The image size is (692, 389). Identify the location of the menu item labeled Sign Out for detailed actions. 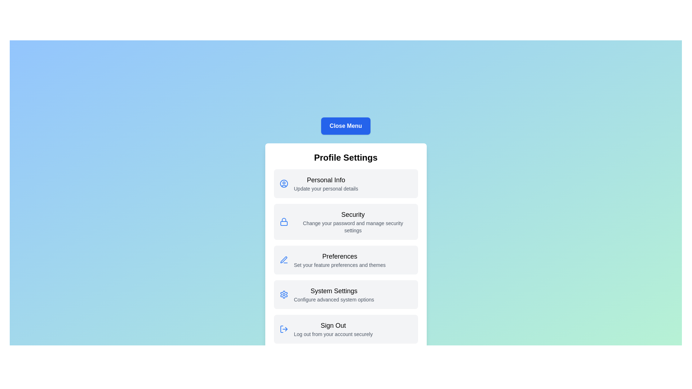
(345, 329).